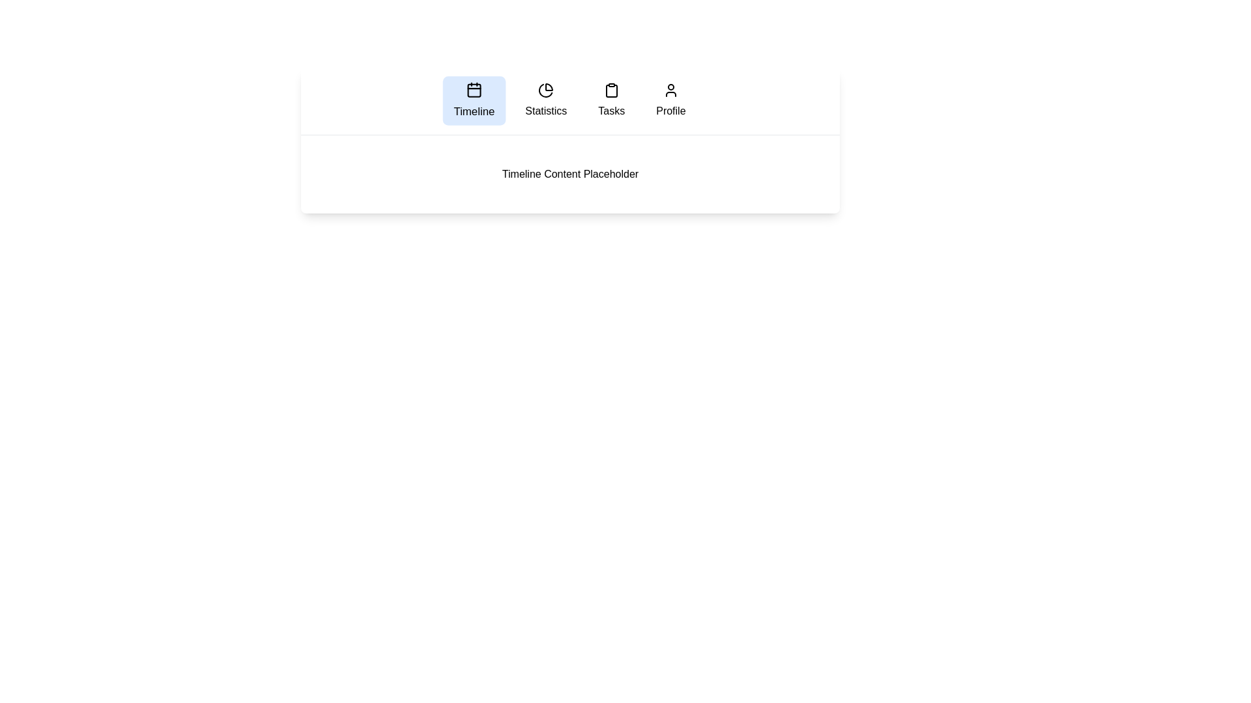 Image resolution: width=1251 pixels, height=703 pixels. What do you see at coordinates (474, 100) in the screenshot?
I see `the tab labeled Timeline to navigate to it` at bounding box center [474, 100].